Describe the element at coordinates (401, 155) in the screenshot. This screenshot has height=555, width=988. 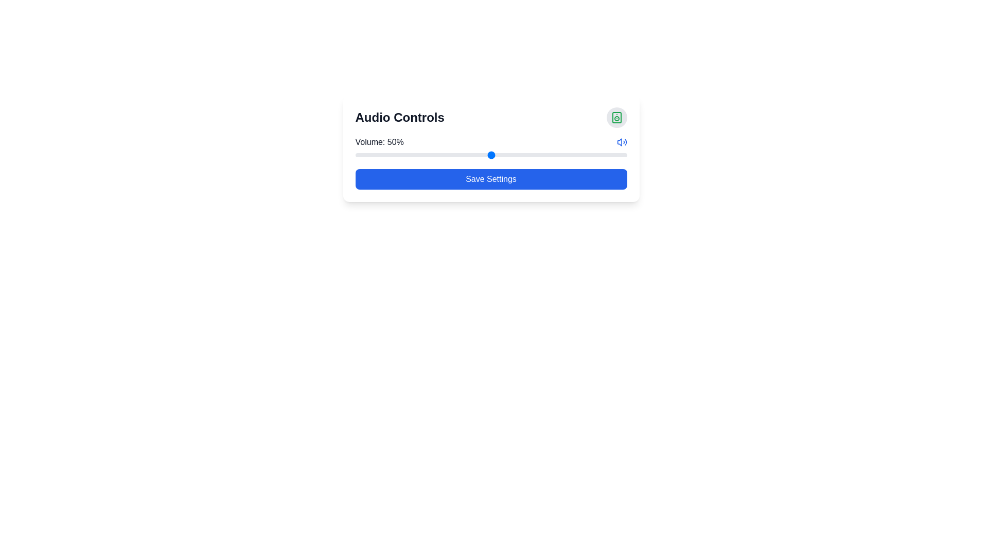
I see `the volume` at that location.